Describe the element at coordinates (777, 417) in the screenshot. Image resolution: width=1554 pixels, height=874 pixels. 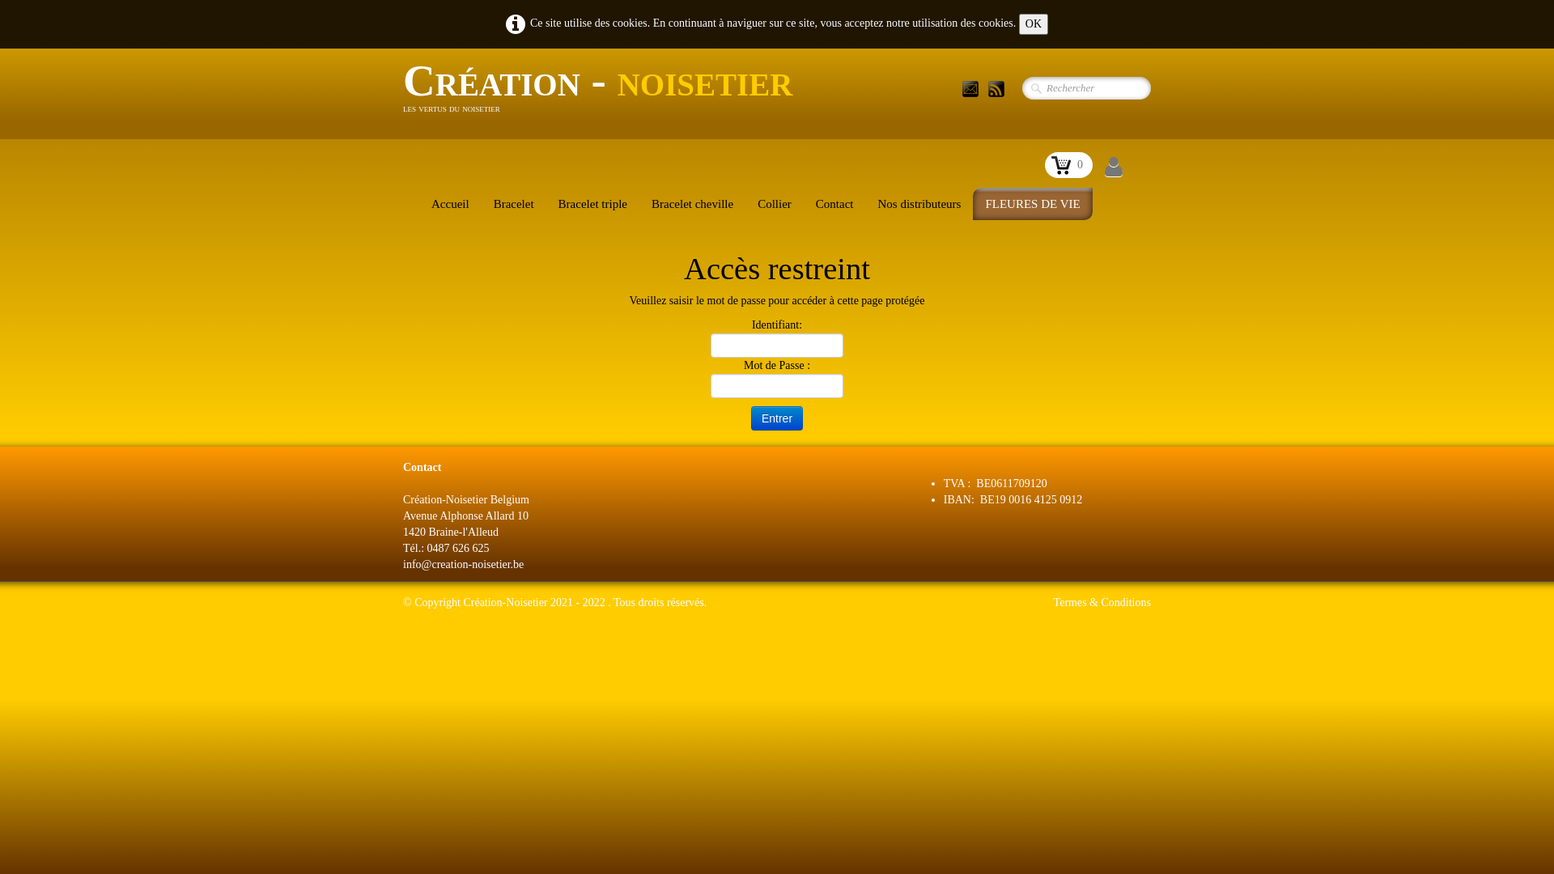
I see `'Entrer'` at that location.